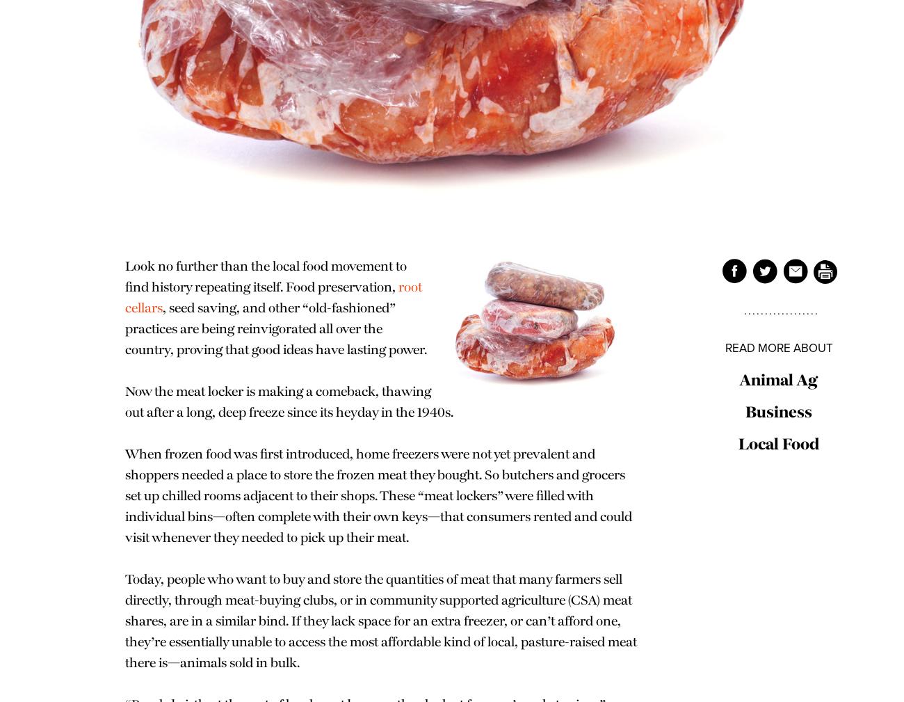  What do you see at coordinates (125, 297) in the screenshot?
I see `'root cellars'` at bounding box center [125, 297].